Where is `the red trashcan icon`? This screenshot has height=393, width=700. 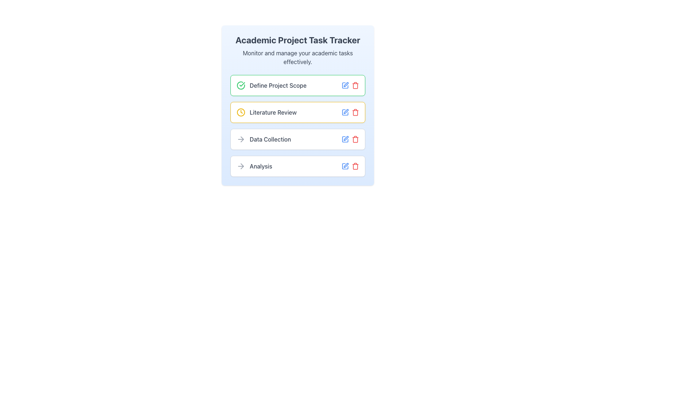
the red trashcan icon is located at coordinates (350, 166).